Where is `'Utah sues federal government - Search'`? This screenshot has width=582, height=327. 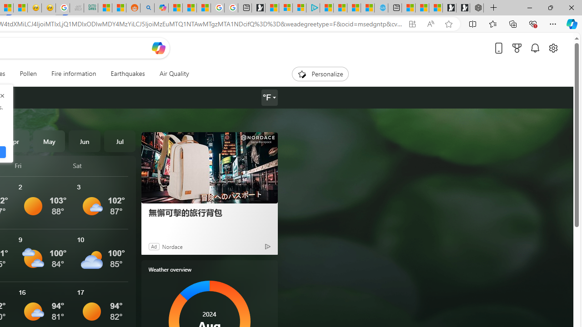 'Utah sues federal government - Search' is located at coordinates (147, 8).